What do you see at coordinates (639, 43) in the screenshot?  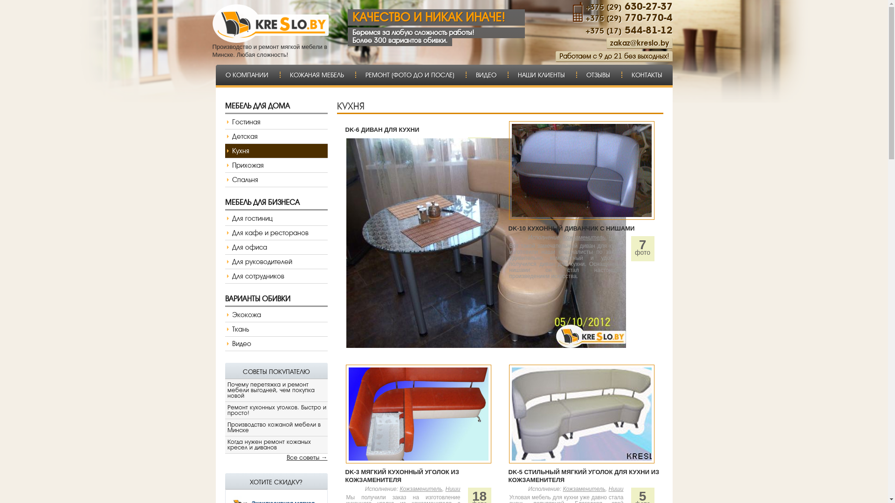 I see `'zakaz@kreslo.by'` at bounding box center [639, 43].